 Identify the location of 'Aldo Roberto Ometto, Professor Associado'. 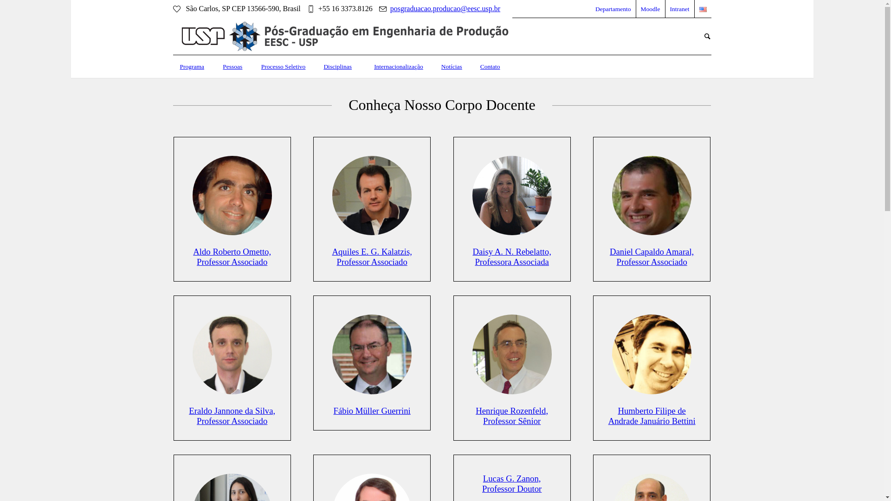
(232, 257).